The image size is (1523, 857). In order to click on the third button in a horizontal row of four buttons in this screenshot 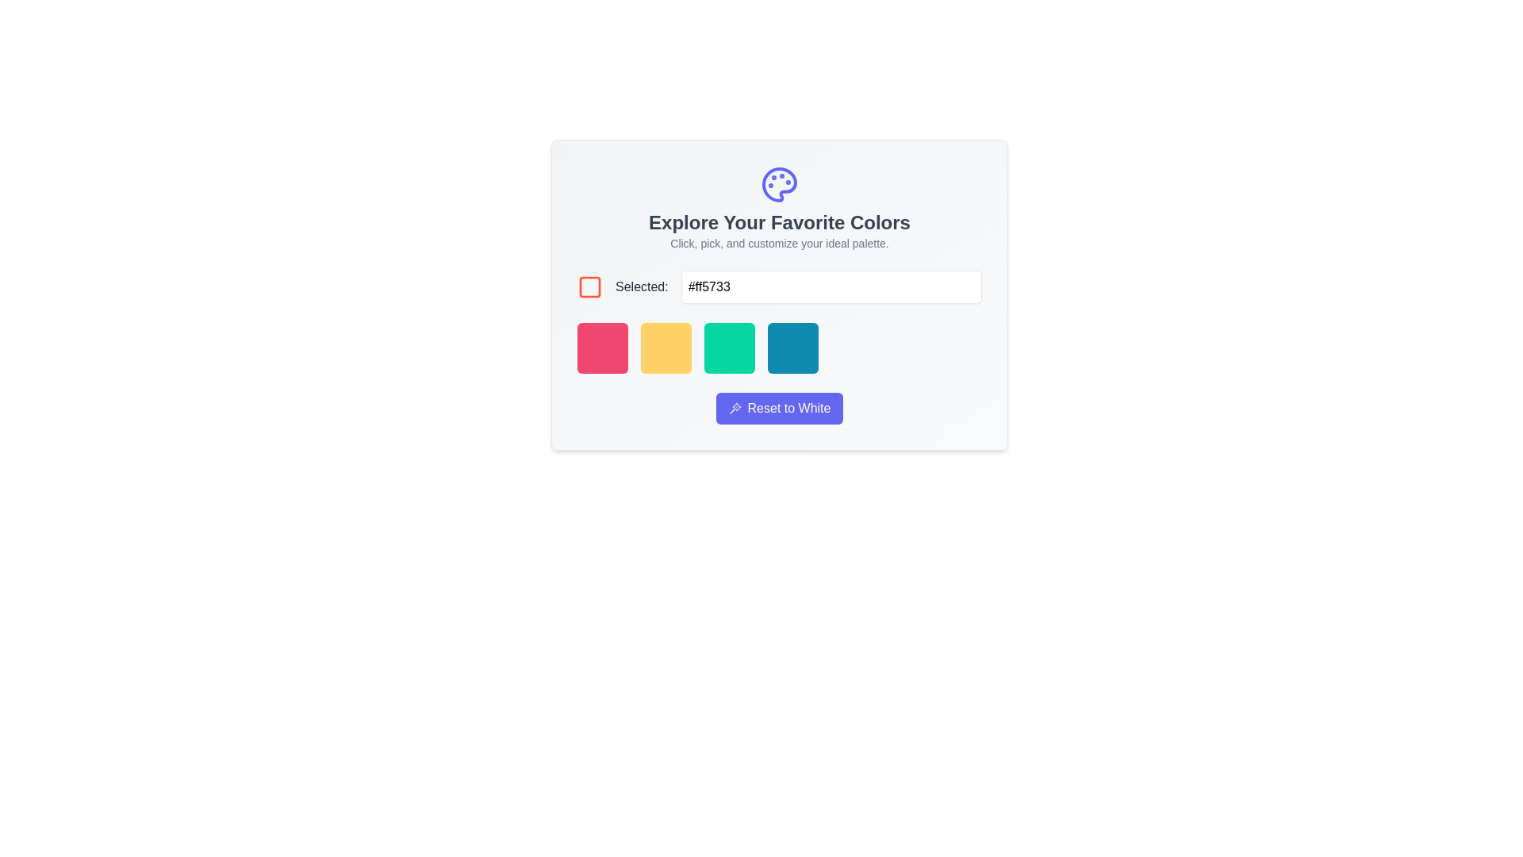, I will do `click(729, 348)`.